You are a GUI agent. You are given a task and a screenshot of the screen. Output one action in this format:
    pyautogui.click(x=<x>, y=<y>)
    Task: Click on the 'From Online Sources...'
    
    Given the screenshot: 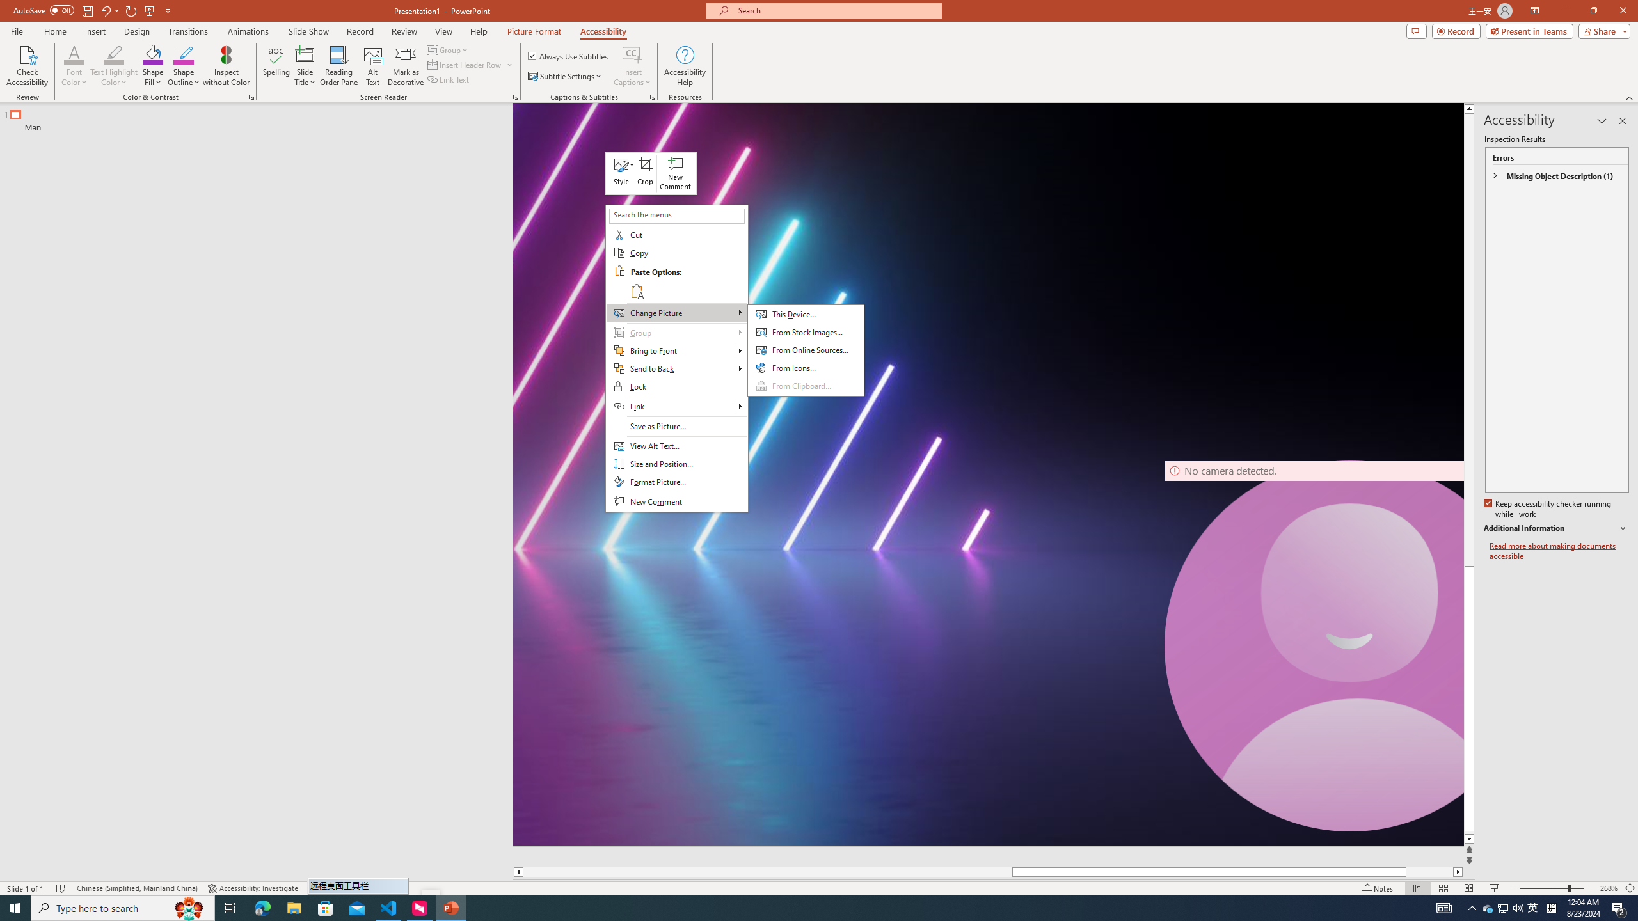 What is the action you would take?
    pyautogui.click(x=806, y=350)
    